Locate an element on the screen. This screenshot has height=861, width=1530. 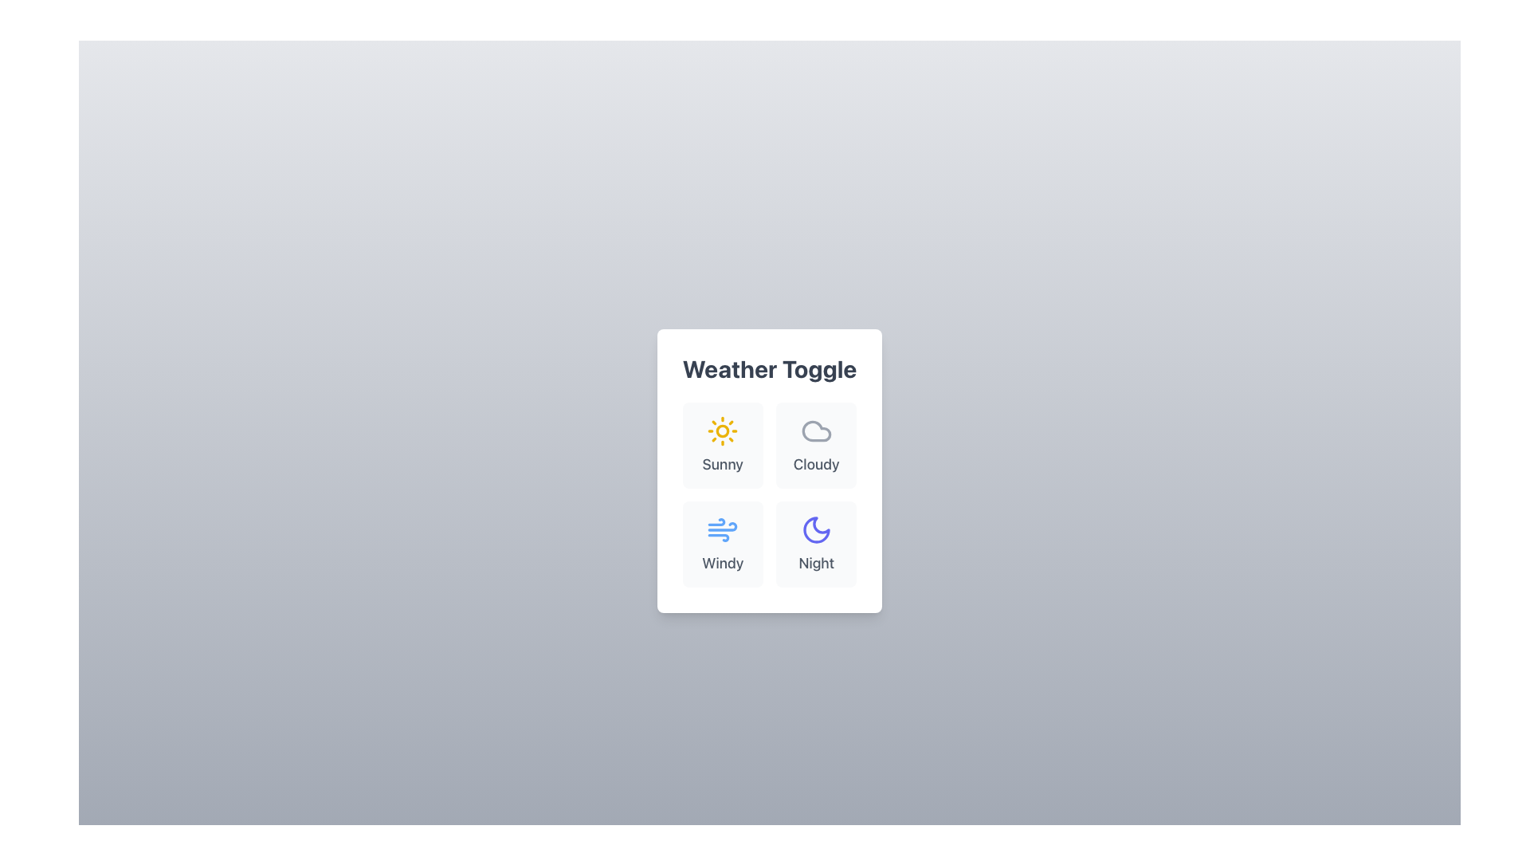
the 'Night' mode icon button in the weather-toggle interface is located at coordinates (816, 529).